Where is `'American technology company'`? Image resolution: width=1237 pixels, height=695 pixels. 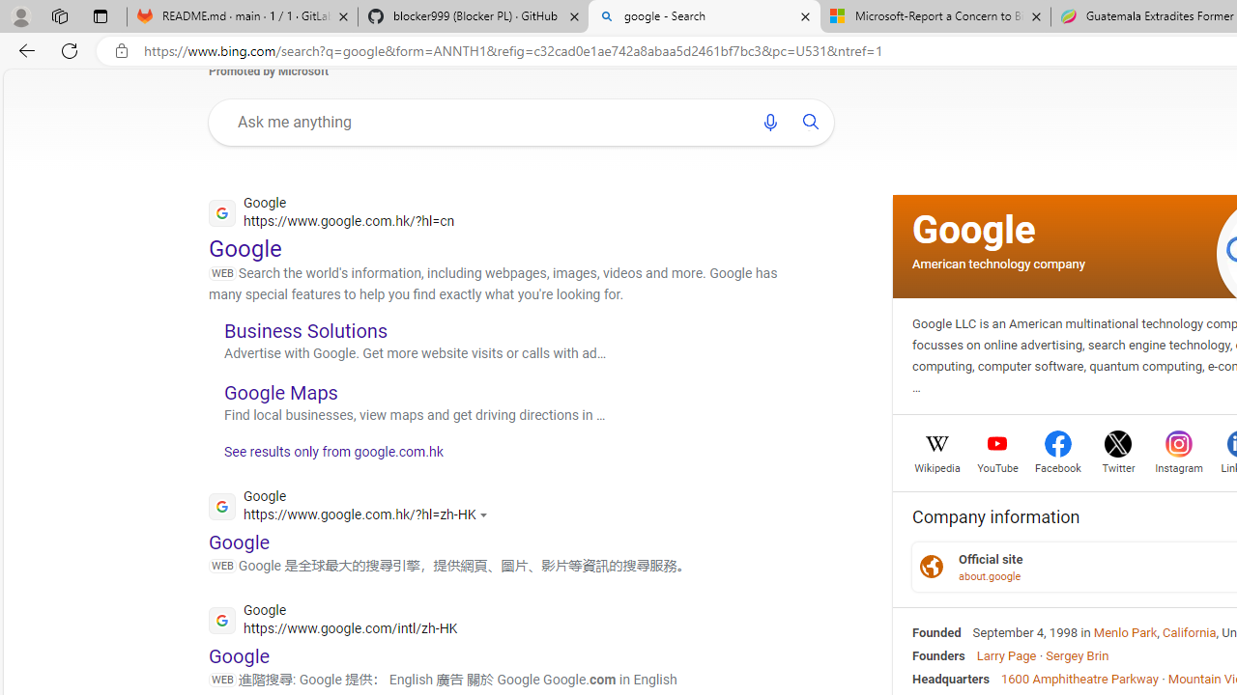
'American technology company' is located at coordinates (998, 263).